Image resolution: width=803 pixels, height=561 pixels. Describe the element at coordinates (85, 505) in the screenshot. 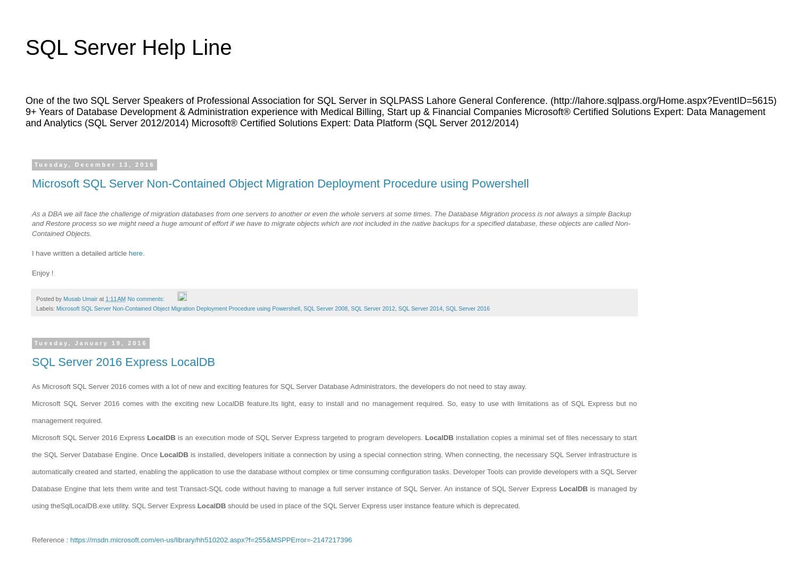

I see `'SqlLocalDB.exe'` at that location.